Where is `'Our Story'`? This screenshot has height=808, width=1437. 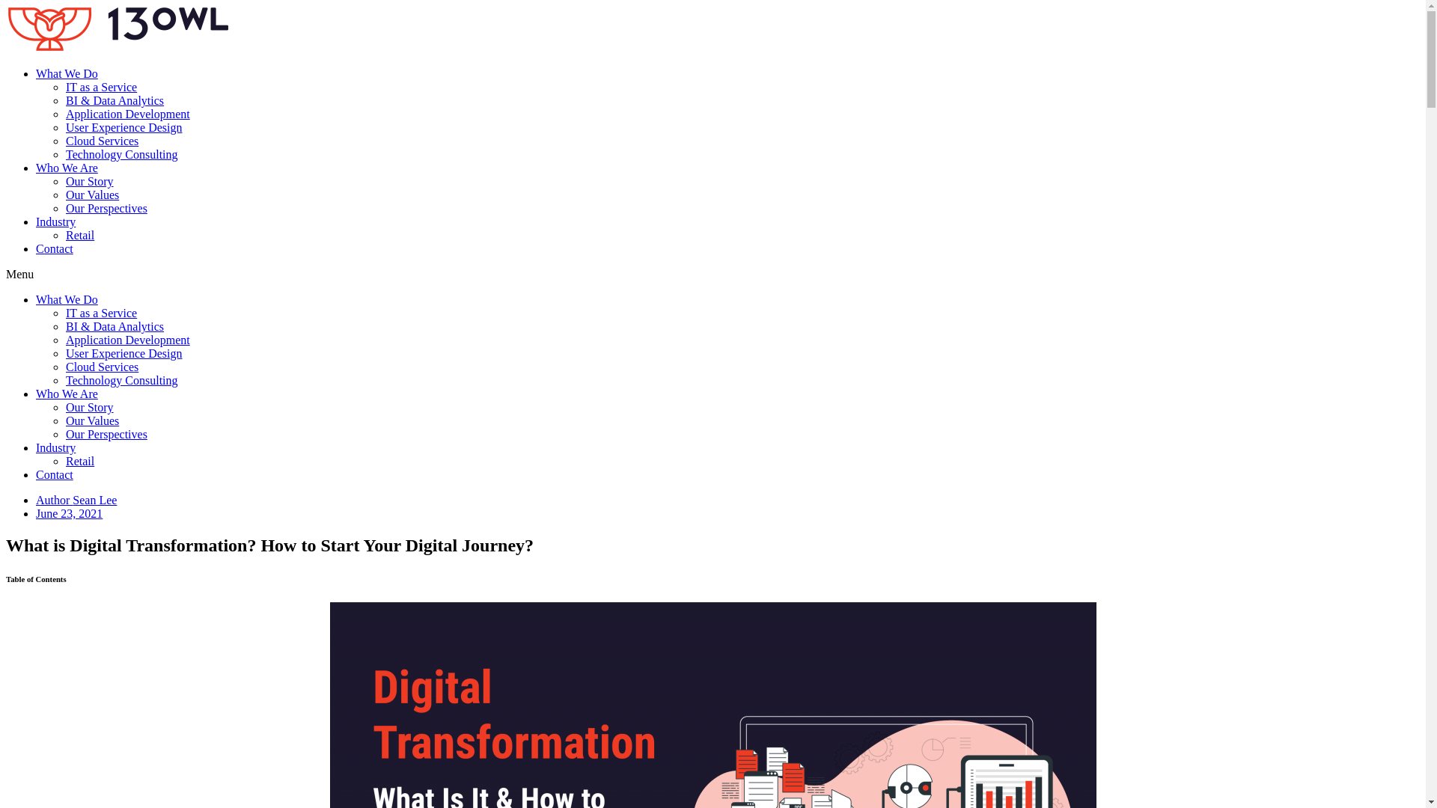 'Our Story' is located at coordinates (89, 180).